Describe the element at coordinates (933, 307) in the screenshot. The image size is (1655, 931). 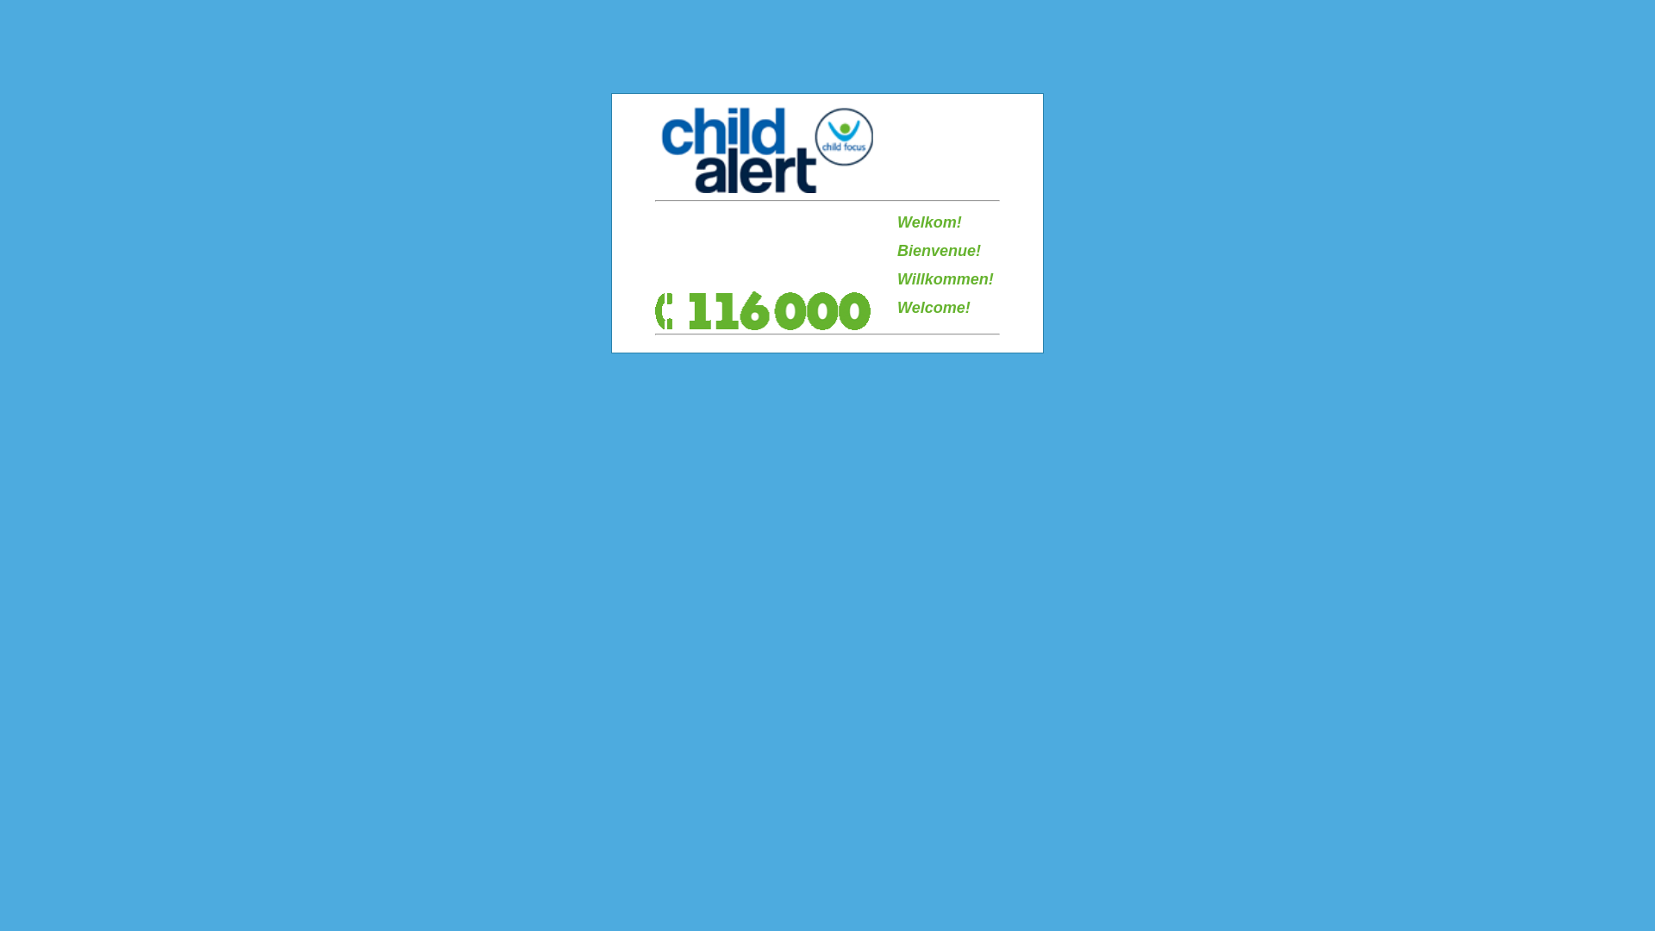
I see `'Welcome!'` at that location.